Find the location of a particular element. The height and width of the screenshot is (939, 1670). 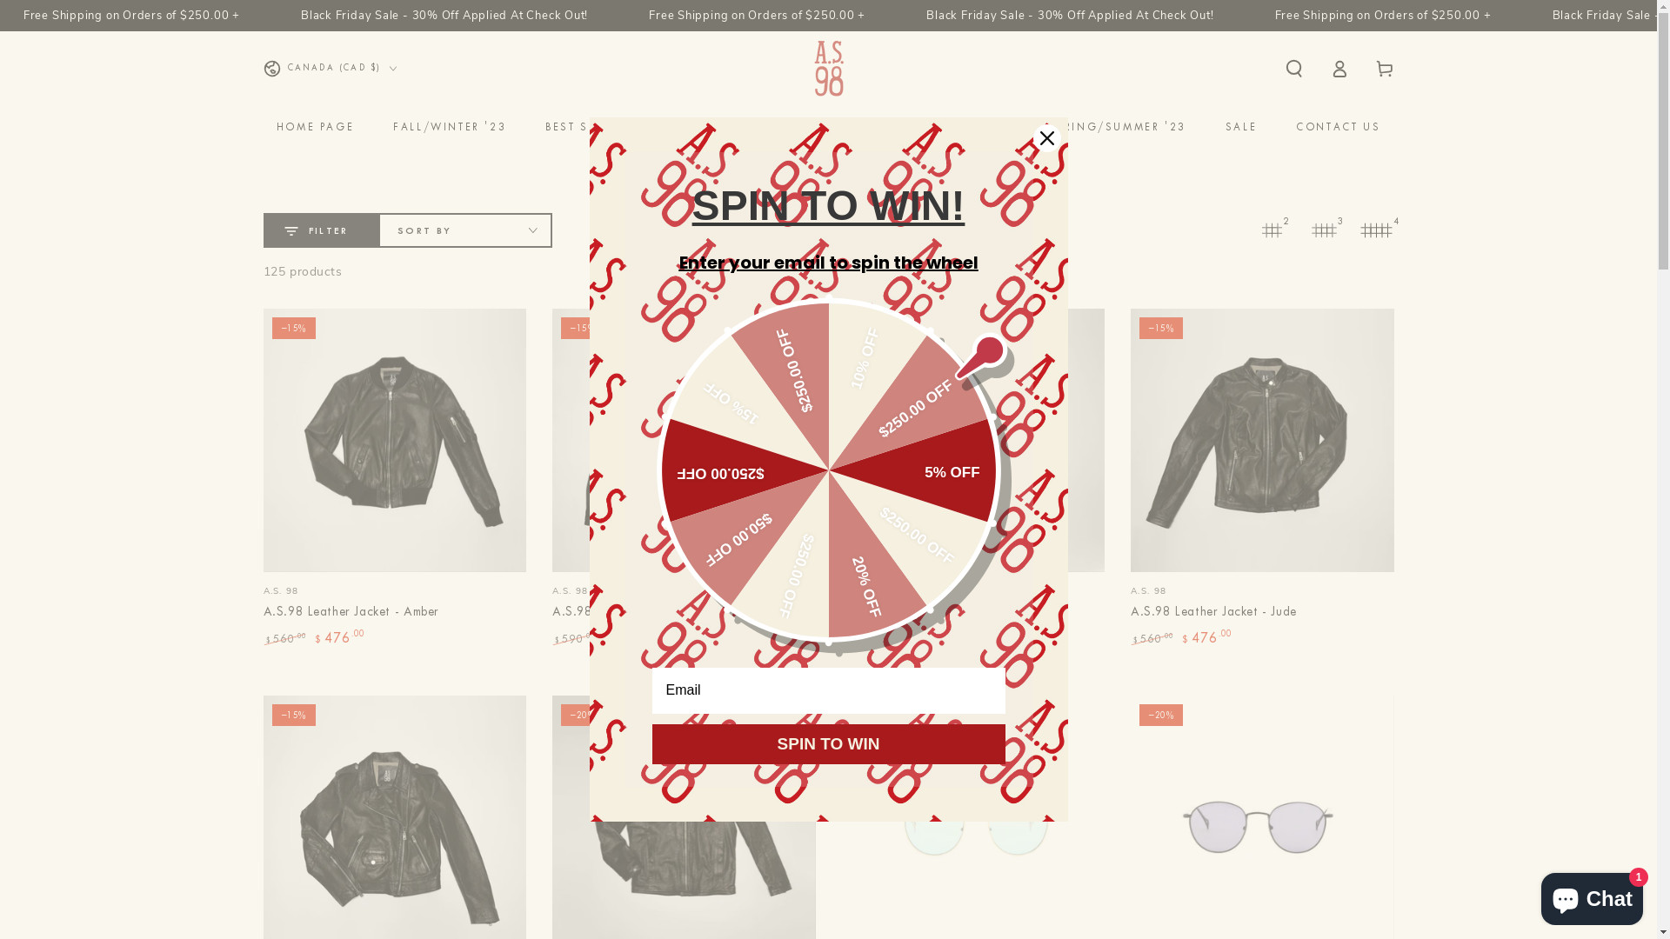

'Black Friday Sale - 30% Off Applied At Check Out!' is located at coordinates (342, 16).